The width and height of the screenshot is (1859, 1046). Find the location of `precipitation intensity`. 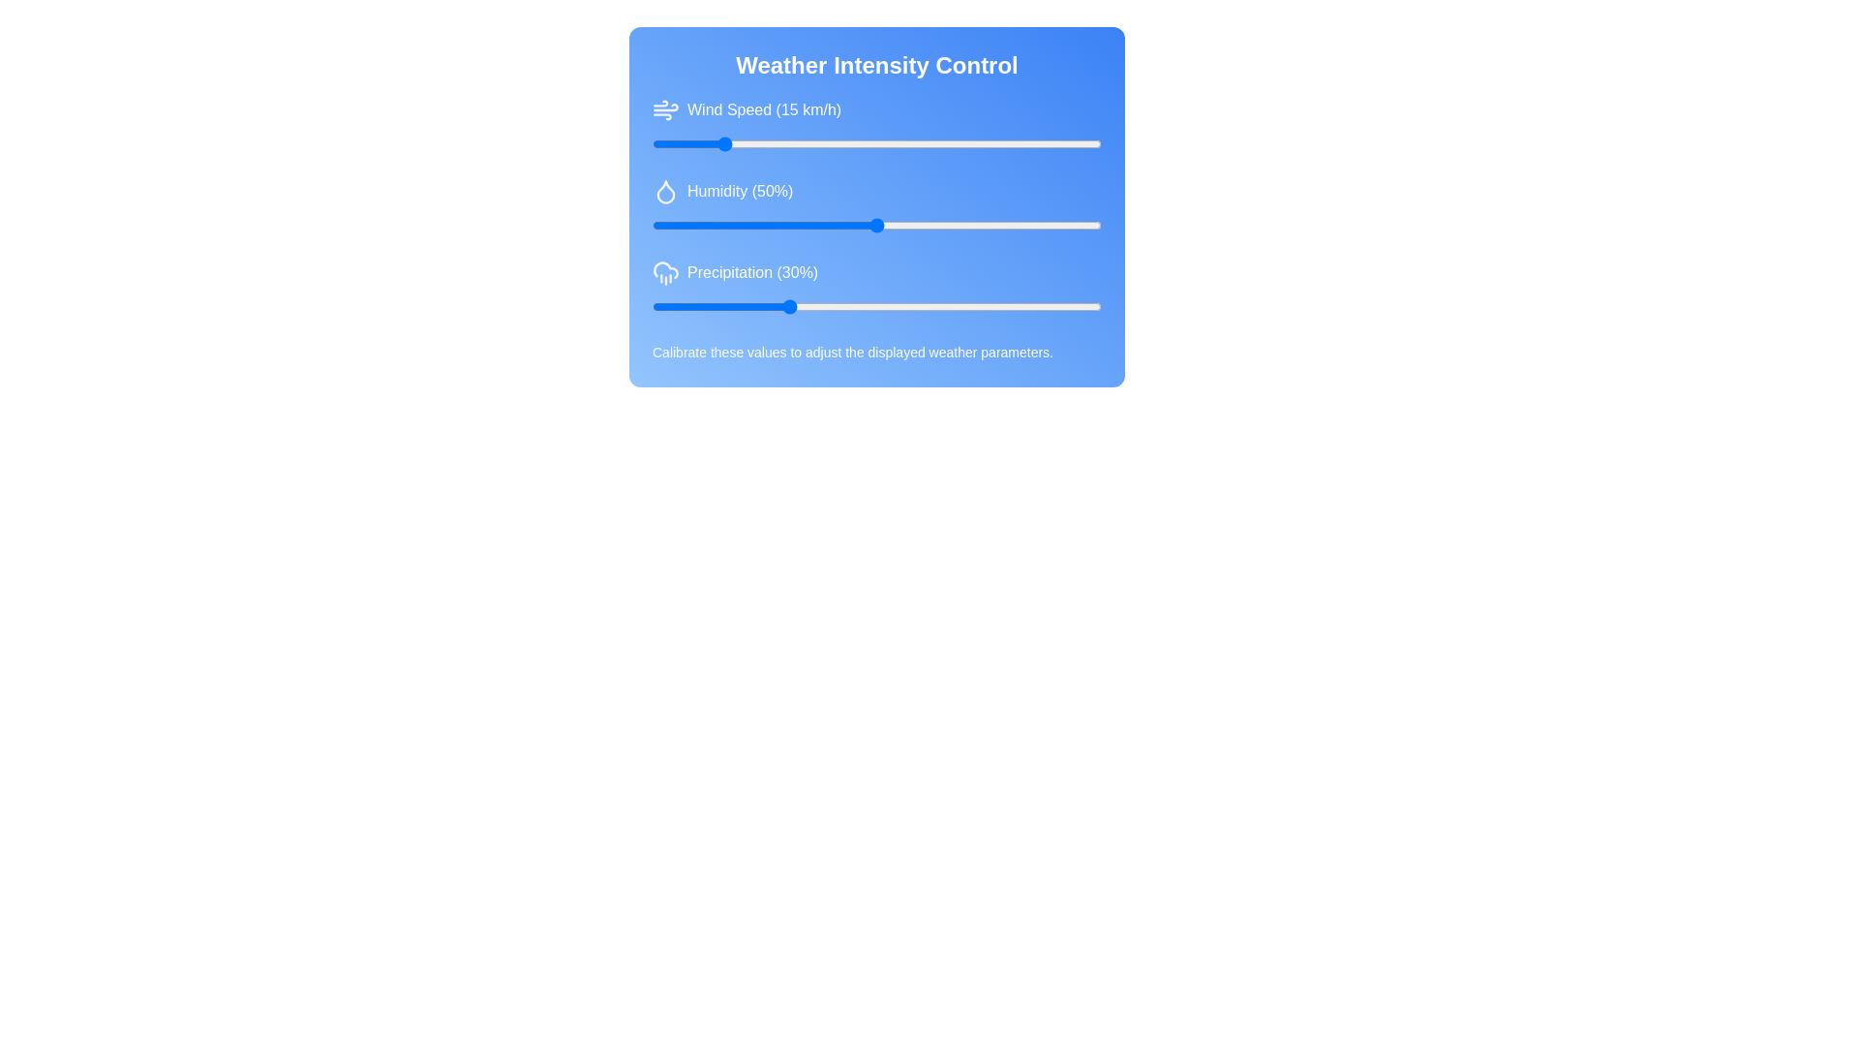

precipitation intensity is located at coordinates (661, 305).